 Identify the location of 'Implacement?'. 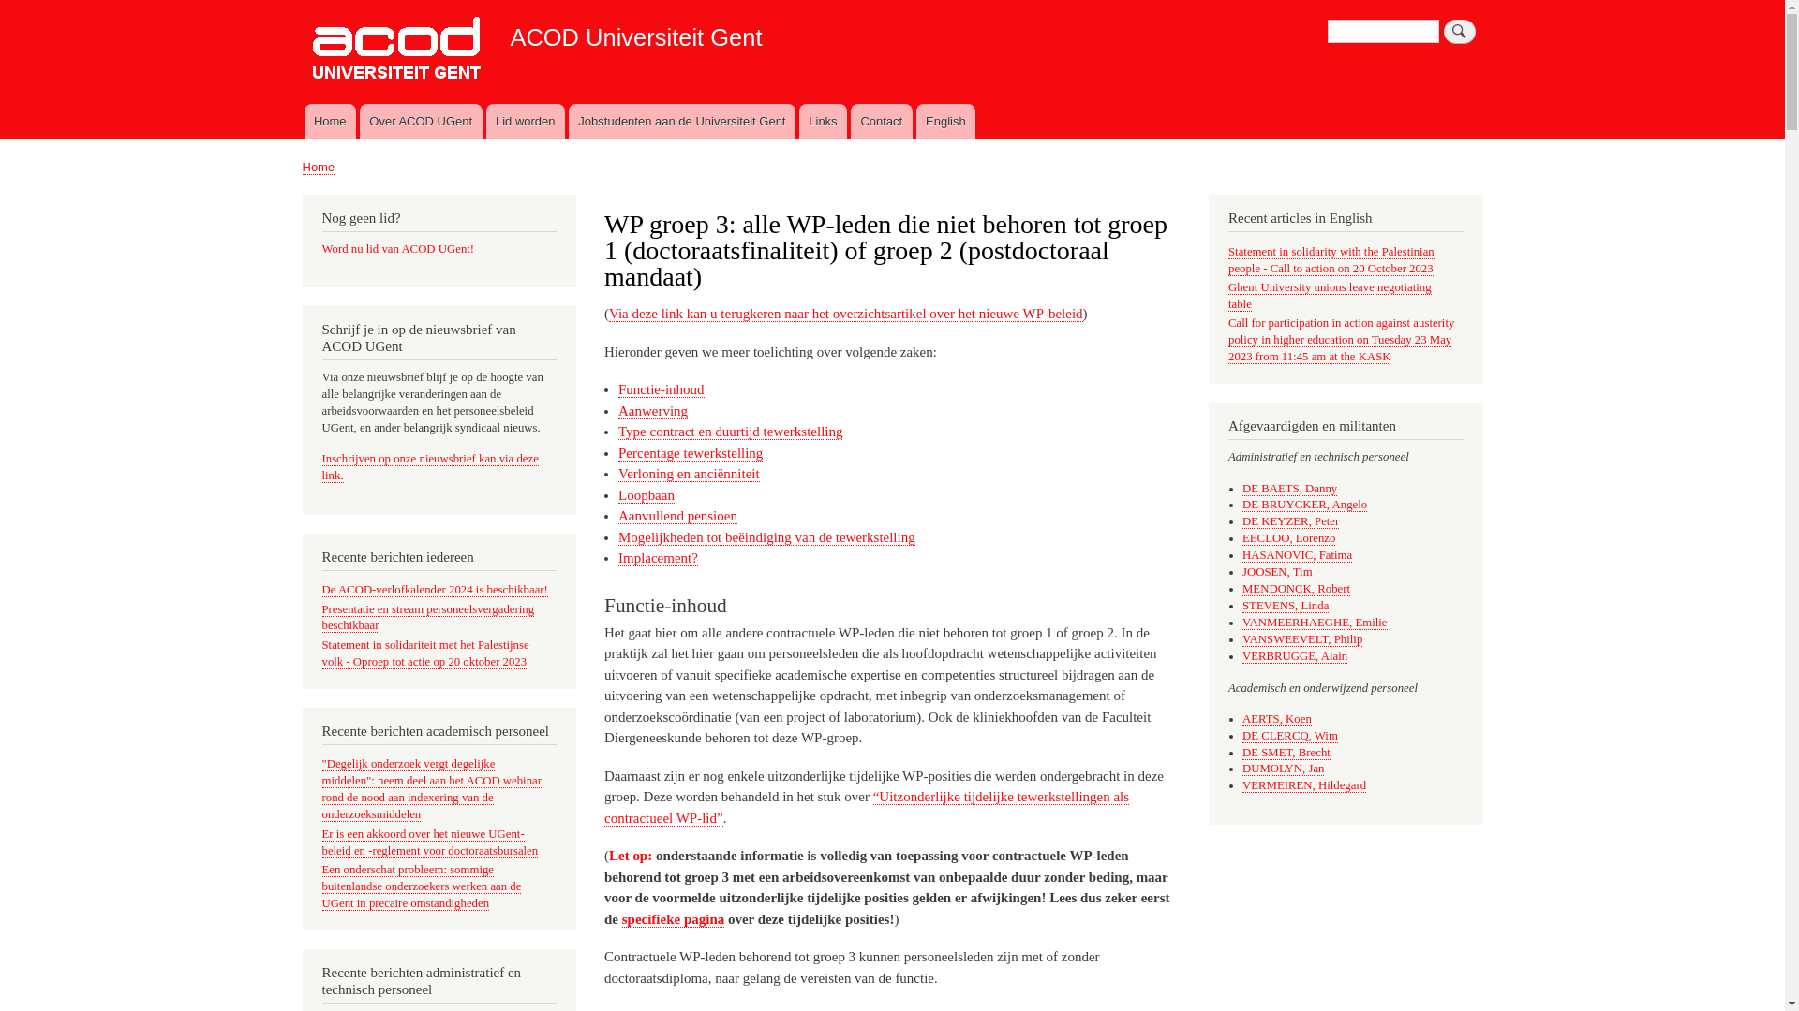
(618, 557).